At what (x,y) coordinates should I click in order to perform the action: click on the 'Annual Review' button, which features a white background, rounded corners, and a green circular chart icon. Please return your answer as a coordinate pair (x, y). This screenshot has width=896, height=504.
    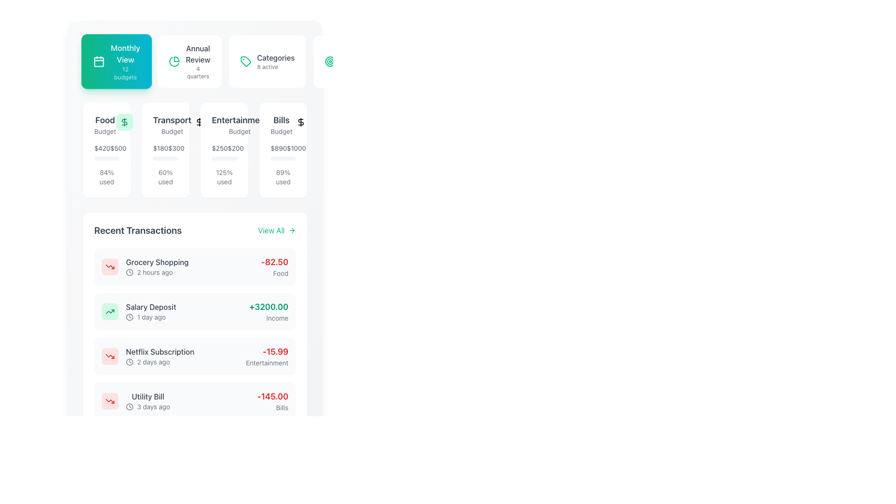
    Looking at the image, I should click on (194, 61).